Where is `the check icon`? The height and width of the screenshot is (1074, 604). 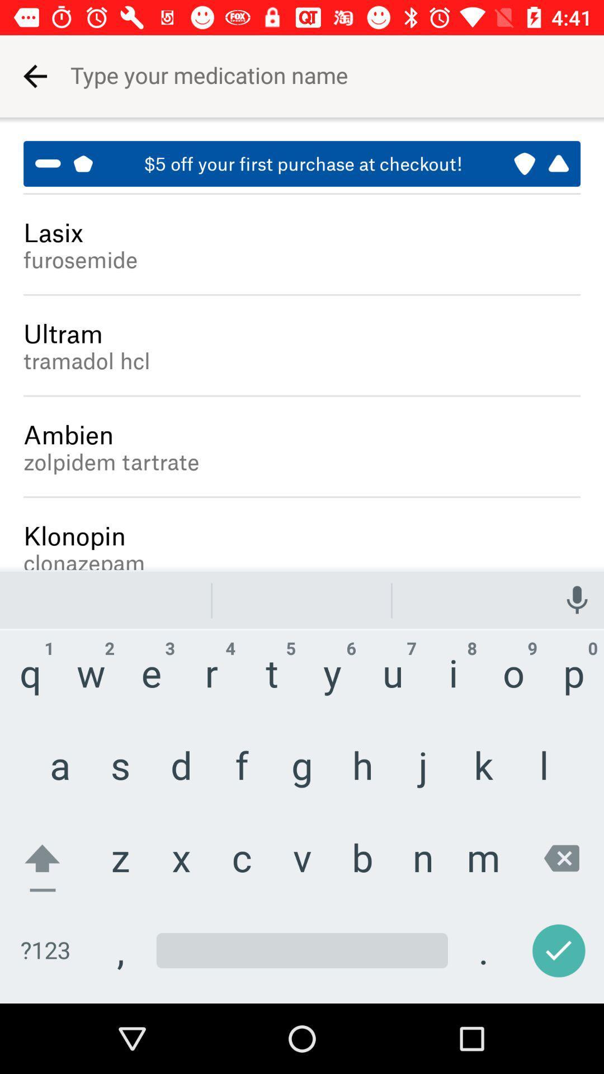 the check icon is located at coordinates (556, 955).